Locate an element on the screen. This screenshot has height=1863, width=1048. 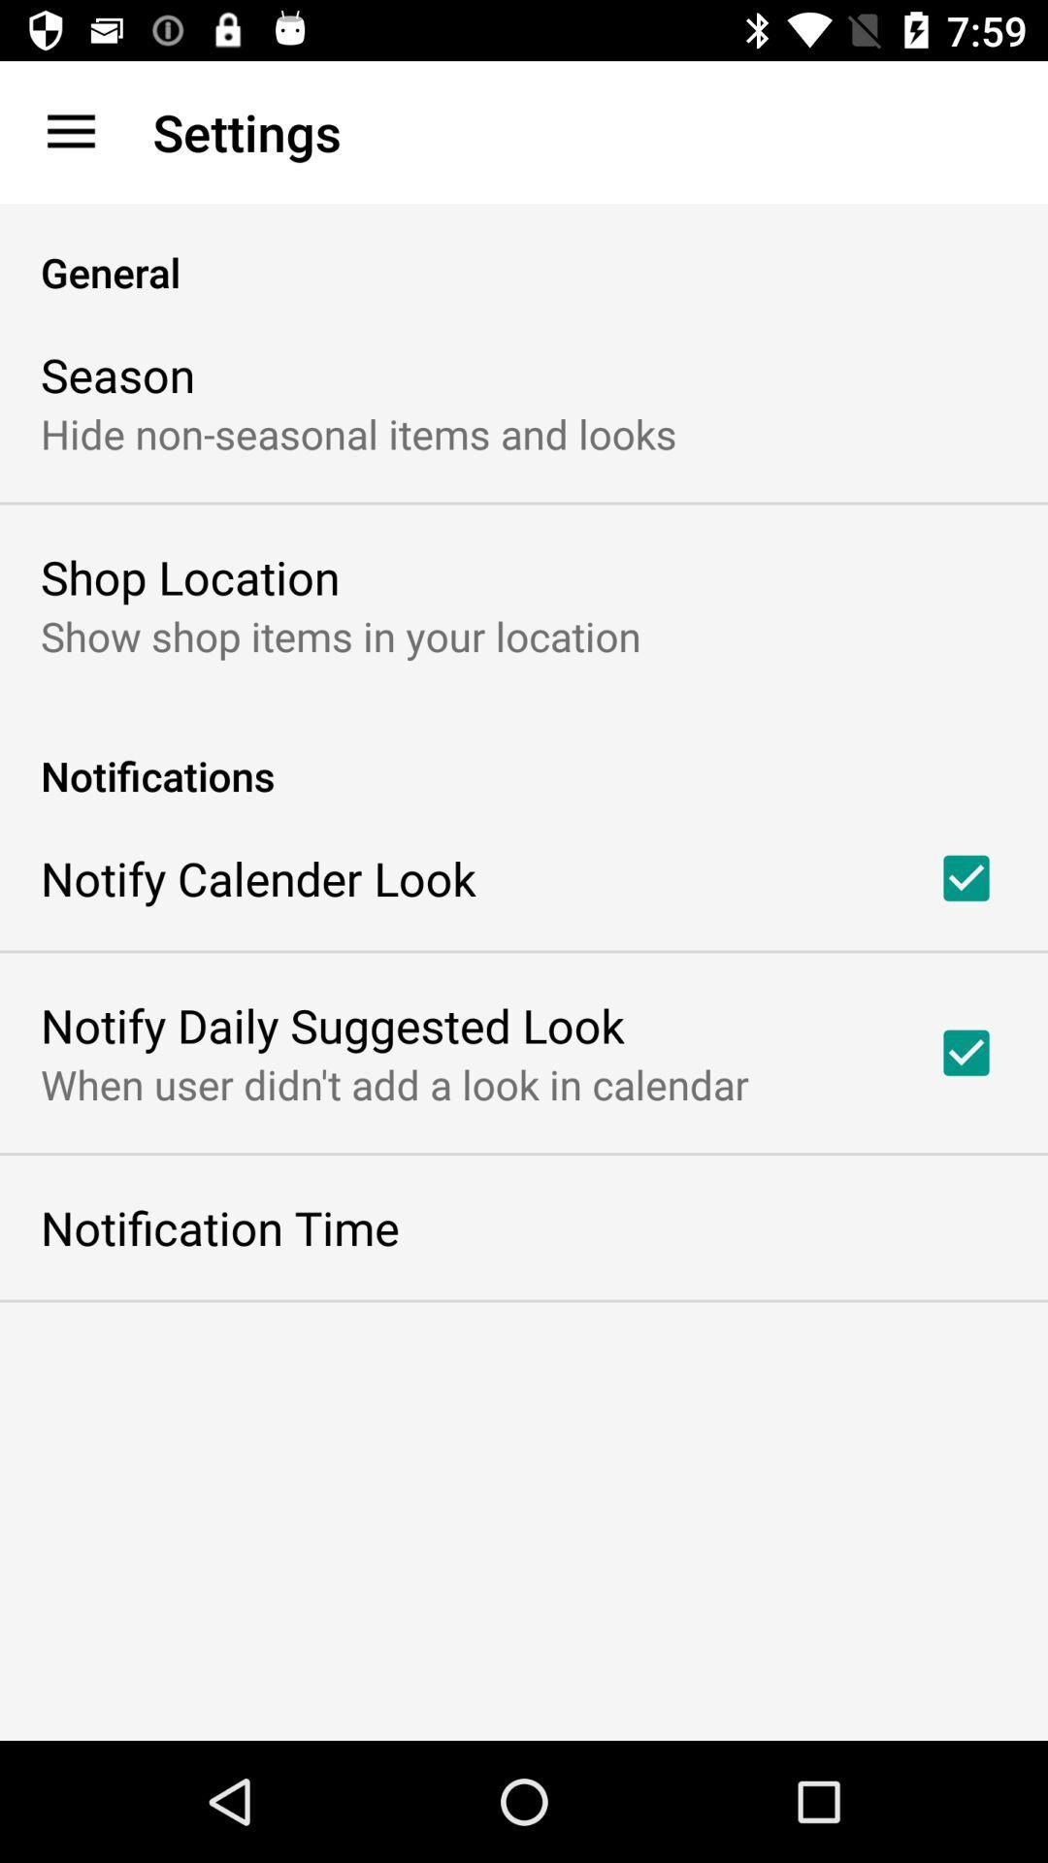
hide non seasonal is located at coordinates (358, 432).